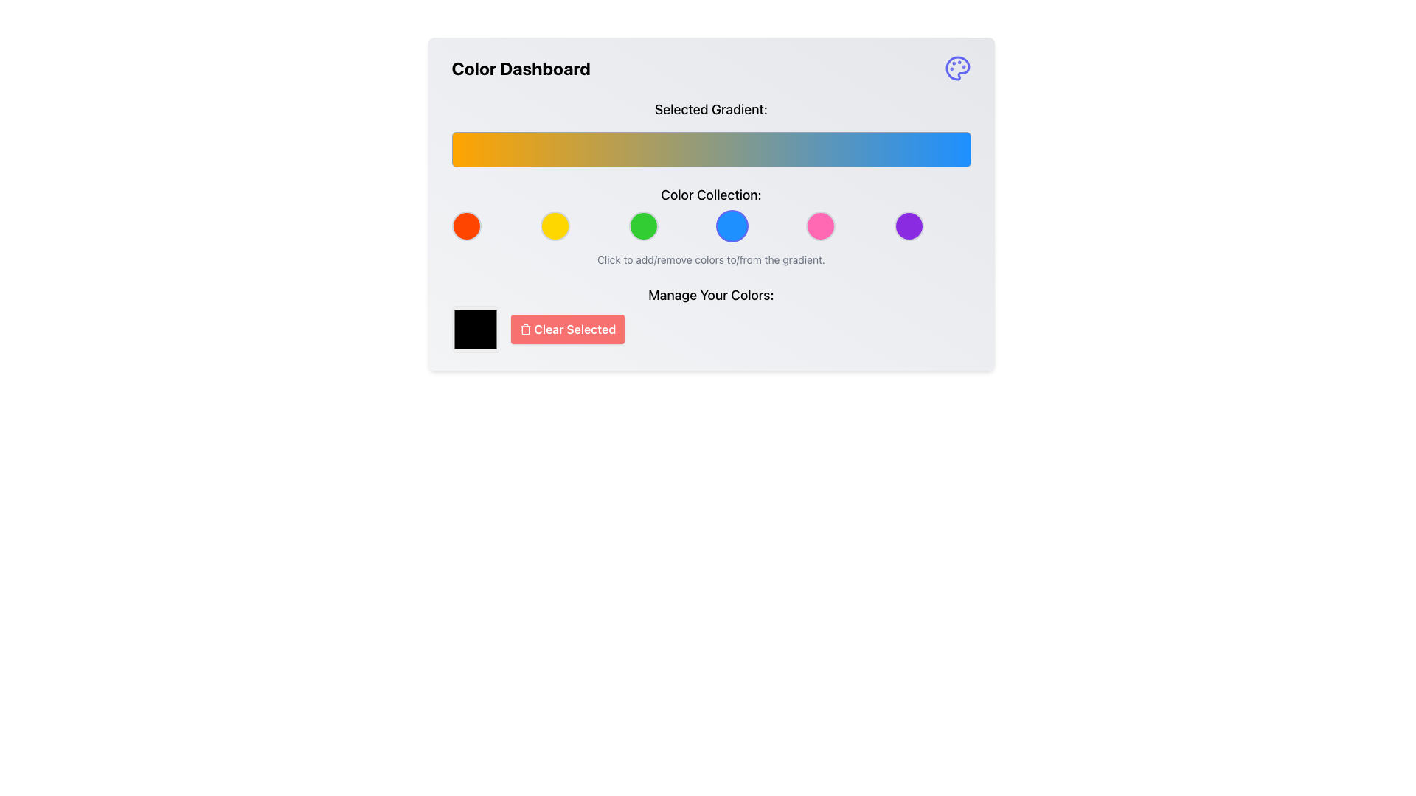 Image resolution: width=1416 pixels, height=796 pixels. What do you see at coordinates (521, 68) in the screenshot?
I see `text element displaying 'Color Dashboard' located at the top-left region of the interface` at bounding box center [521, 68].